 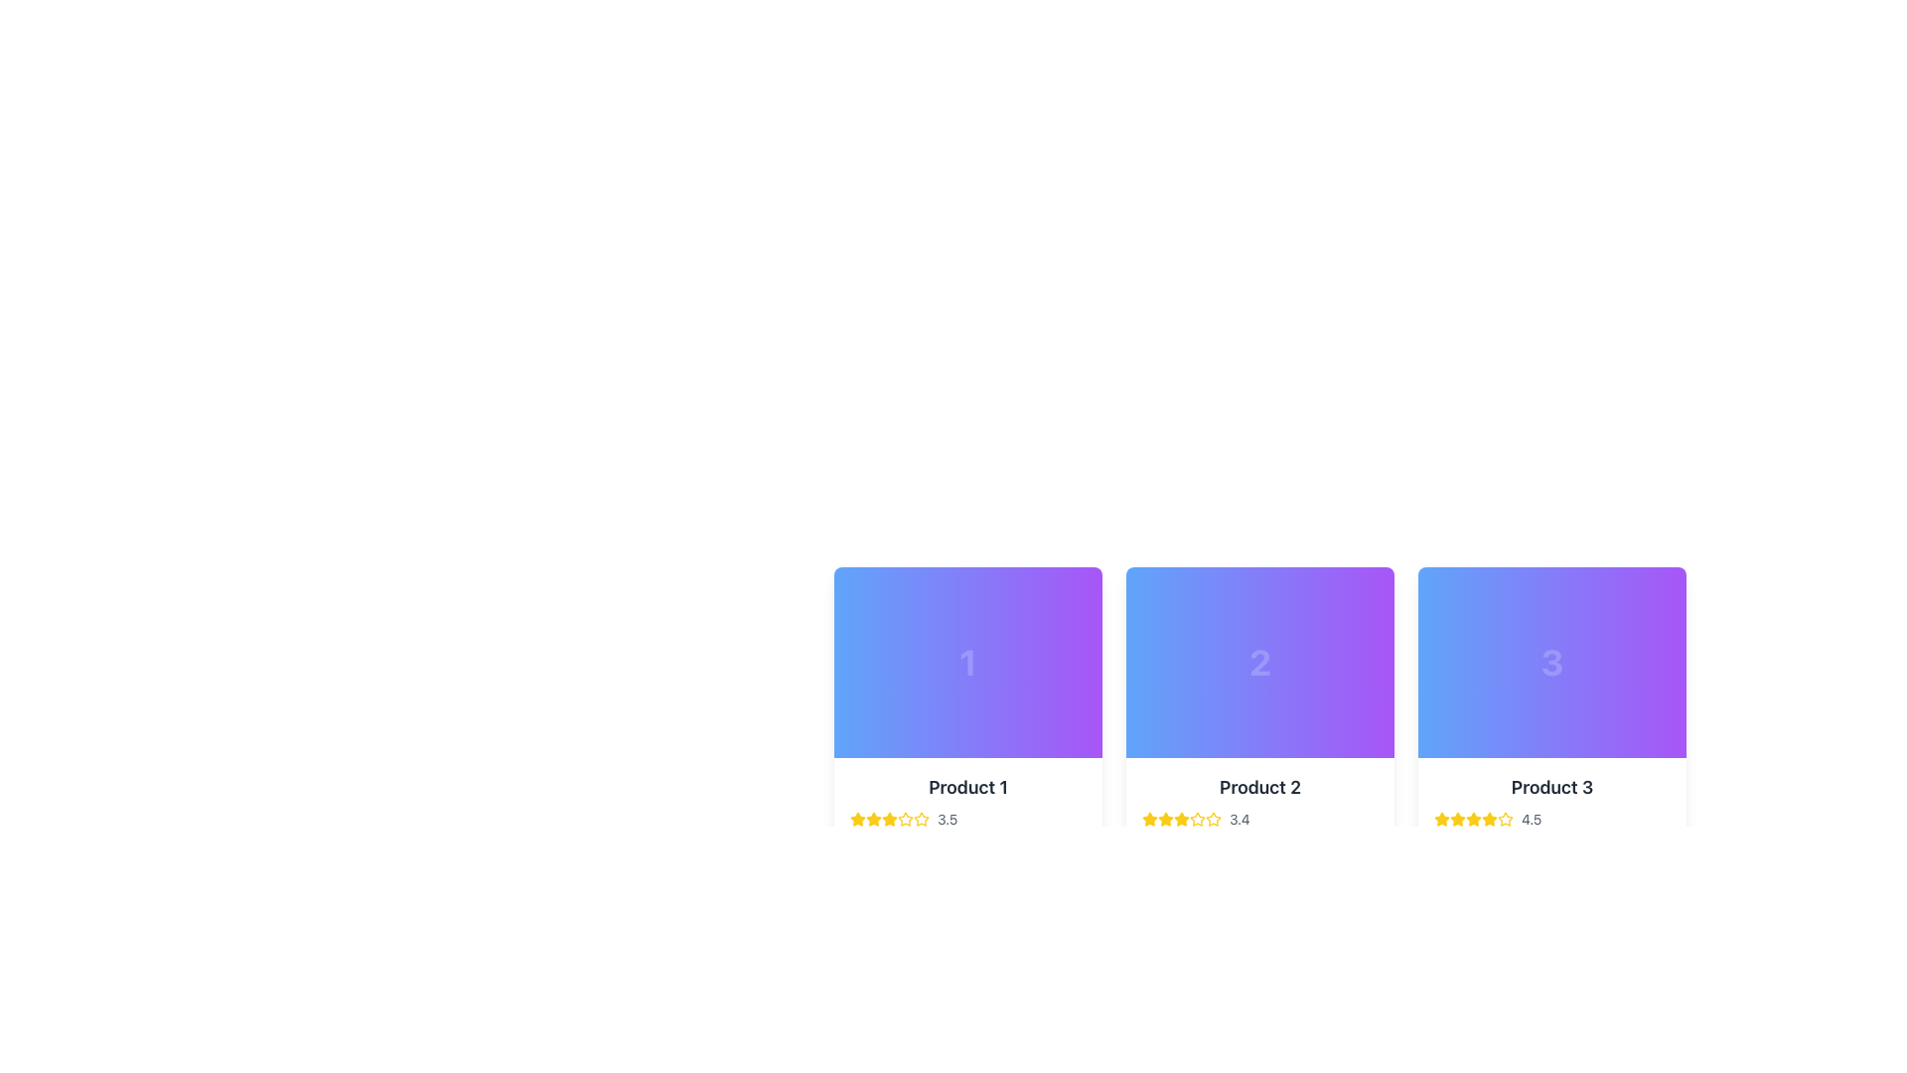 What do you see at coordinates (1182, 820) in the screenshot?
I see `the third yellow star in the rating component below the 'Product 2' card to rate it` at bounding box center [1182, 820].